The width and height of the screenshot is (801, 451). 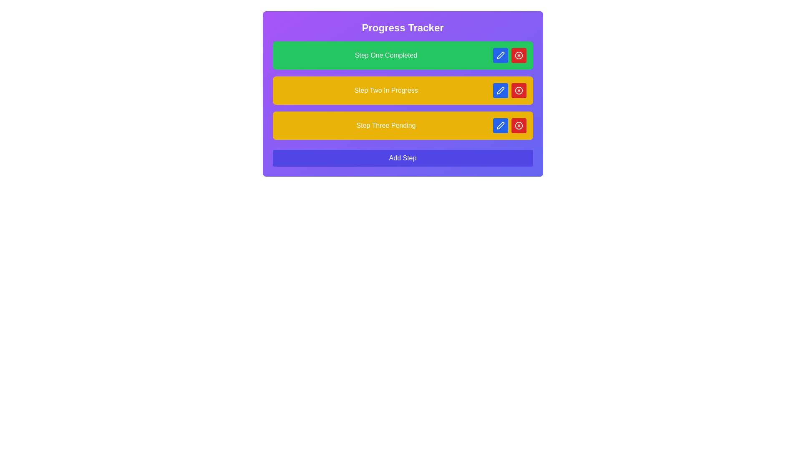 What do you see at coordinates (385, 90) in the screenshot?
I see `the 'Step Two In Progress' text label displayed in white color on a yellow rectangular background within the progress tracker interface` at bounding box center [385, 90].